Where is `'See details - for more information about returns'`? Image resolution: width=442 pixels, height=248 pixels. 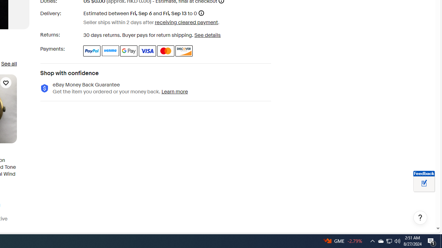
'See details - for more information about returns' is located at coordinates (207, 35).